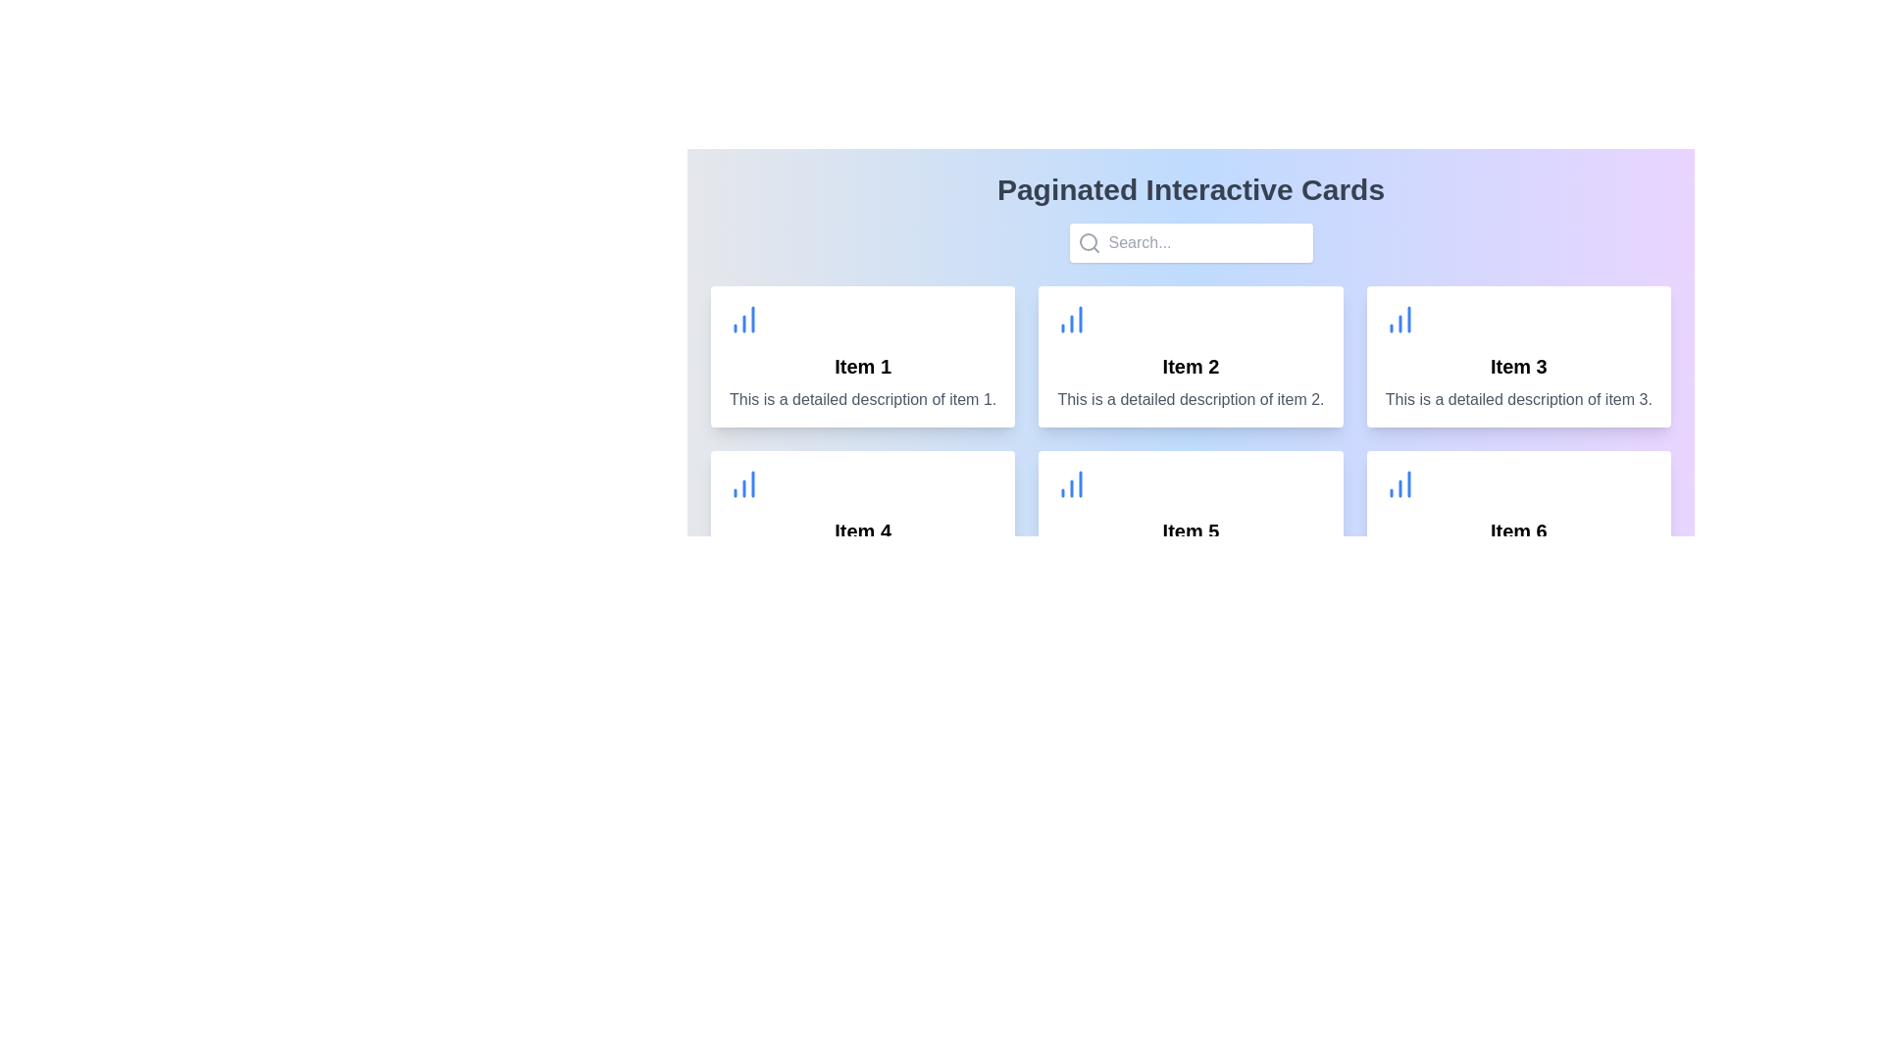 The image size is (1883, 1059). Describe the element at coordinates (863, 356) in the screenshot. I see `the first card in the grid layout, which displays a summary with an icon, title, and description, located in the top left corner` at that location.